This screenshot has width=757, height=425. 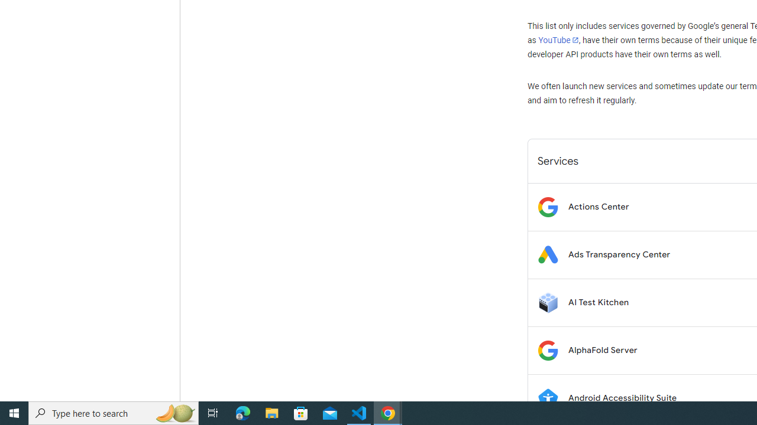 What do you see at coordinates (547, 206) in the screenshot?
I see `'Logo for Actions Center'` at bounding box center [547, 206].